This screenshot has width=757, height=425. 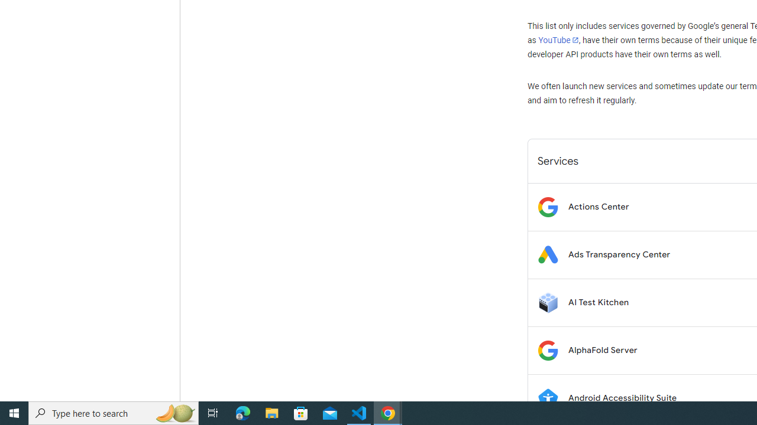 What do you see at coordinates (547, 206) in the screenshot?
I see `'Logo for Actions Center'` at bounding box center [547, 206].